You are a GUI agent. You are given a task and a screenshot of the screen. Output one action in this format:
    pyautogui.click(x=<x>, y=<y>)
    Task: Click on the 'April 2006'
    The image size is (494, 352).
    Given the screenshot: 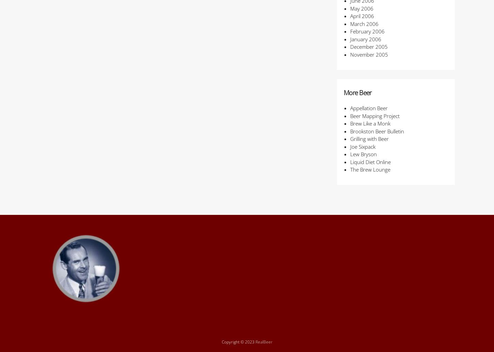 What is the action you would take?
    pyautogui.click(x=350, y=16)
    